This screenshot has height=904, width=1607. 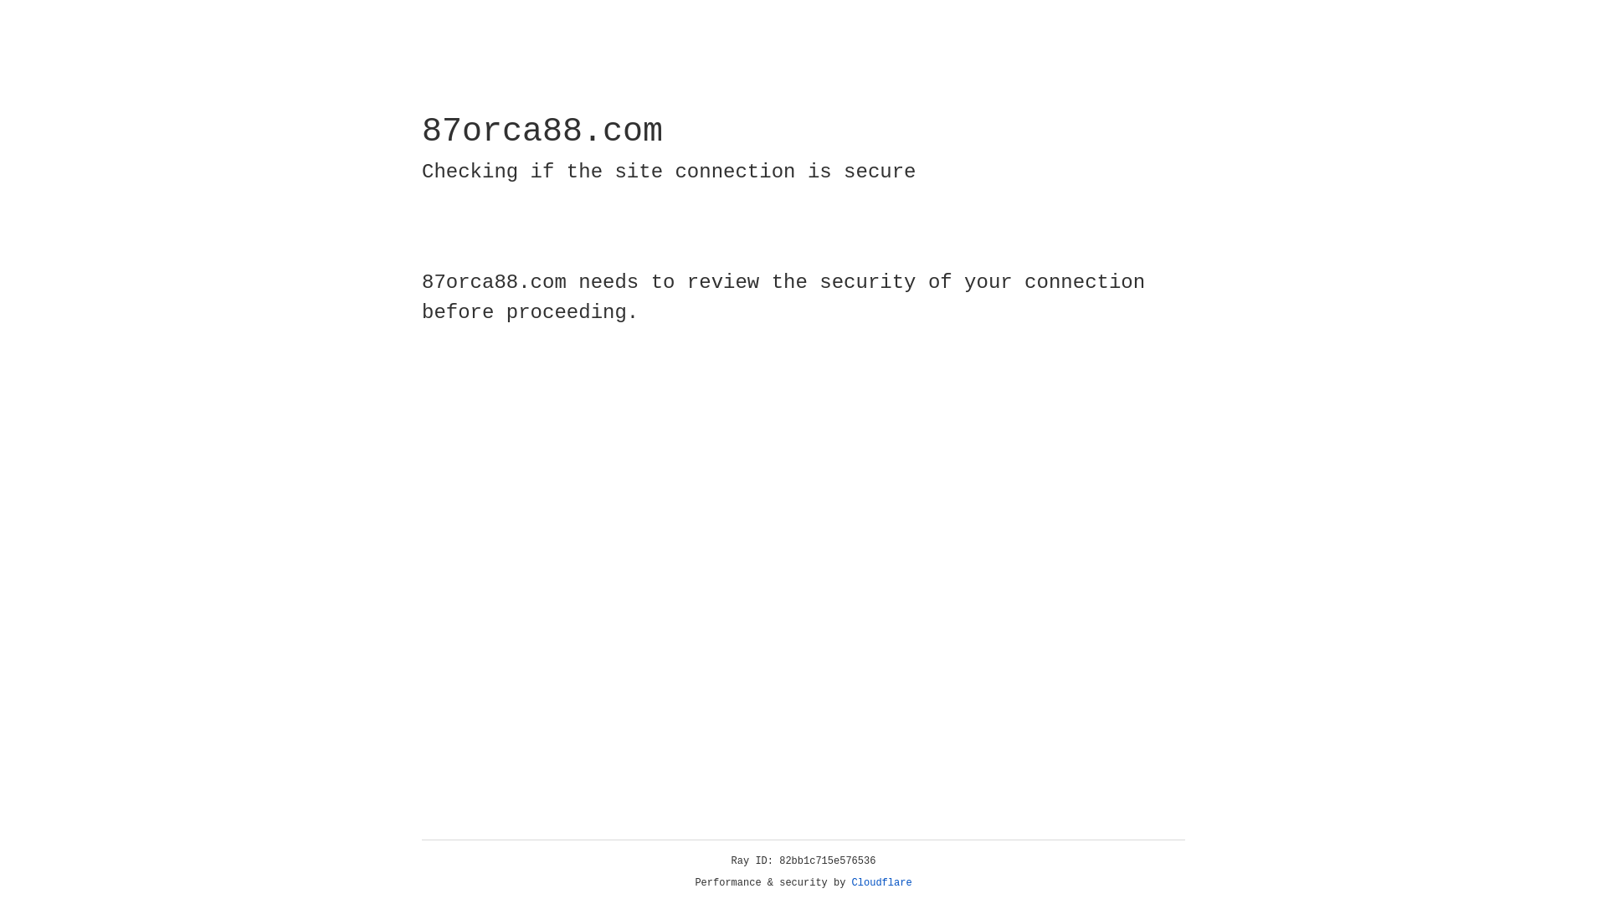 What do you see at coordinates (851, 882) in the screenshot?
I see `'Cloudflare'` at bounding box center [851, 882].